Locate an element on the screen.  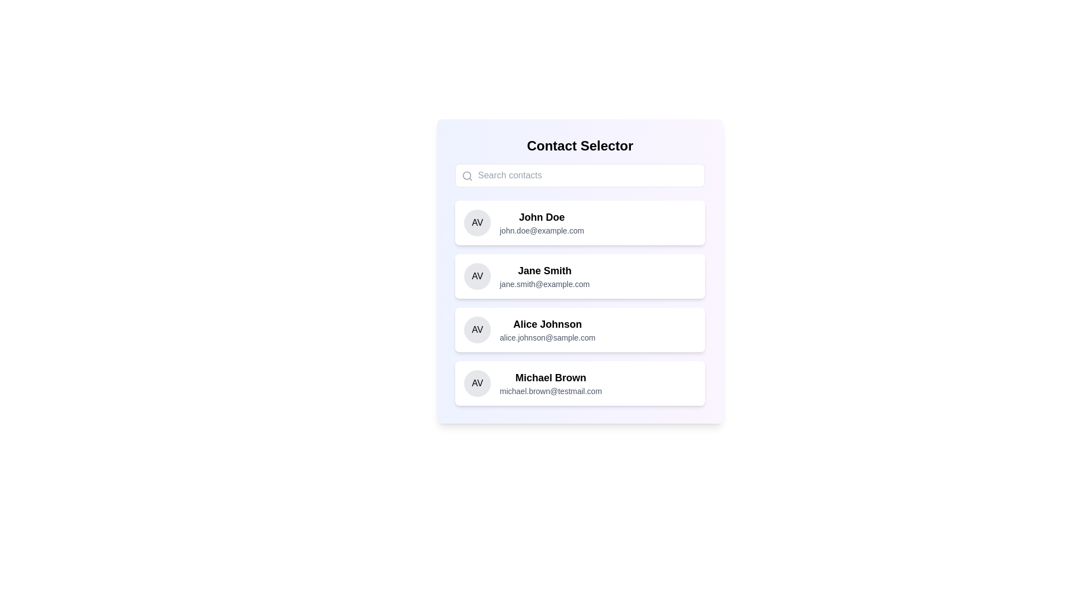
text content from the text block displaying 'Jane Smith' and 'jane.smith@example.com' in the contact list is located at coordinates (544, 276).